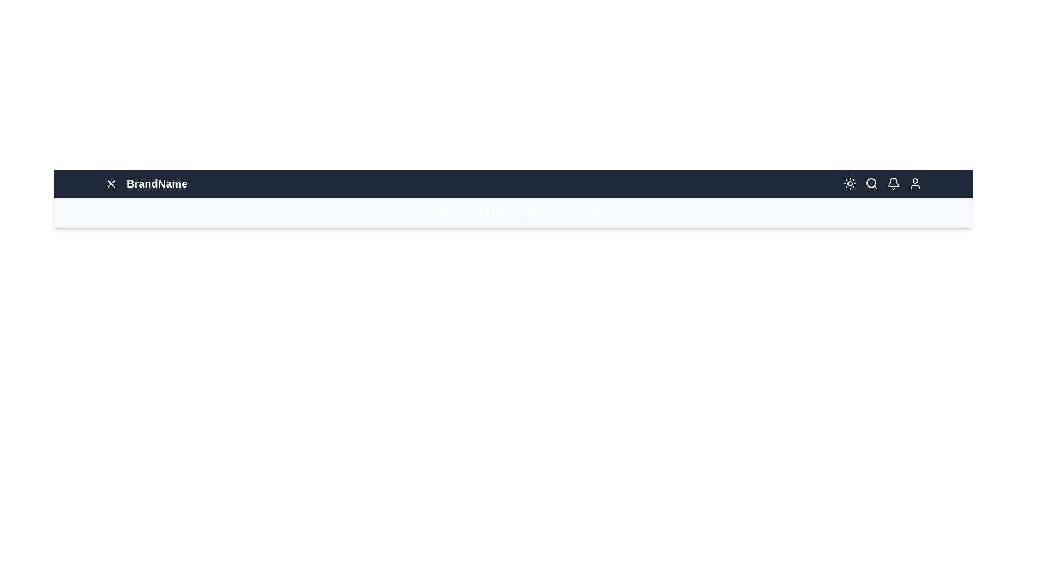 Image resolution: width=1043 pixels, height=587 pixels. I want to click on the menu item labeled About Us to navigate to the corresponding section, so click(484, 213).